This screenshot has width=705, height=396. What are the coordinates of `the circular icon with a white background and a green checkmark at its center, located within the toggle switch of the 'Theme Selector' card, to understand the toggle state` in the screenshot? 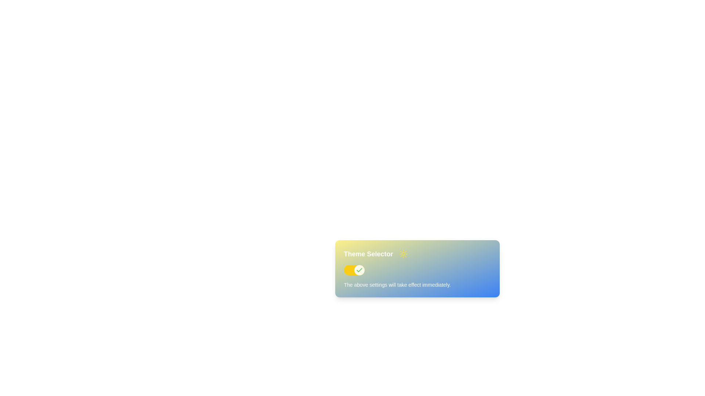 It's located at (359, 270).